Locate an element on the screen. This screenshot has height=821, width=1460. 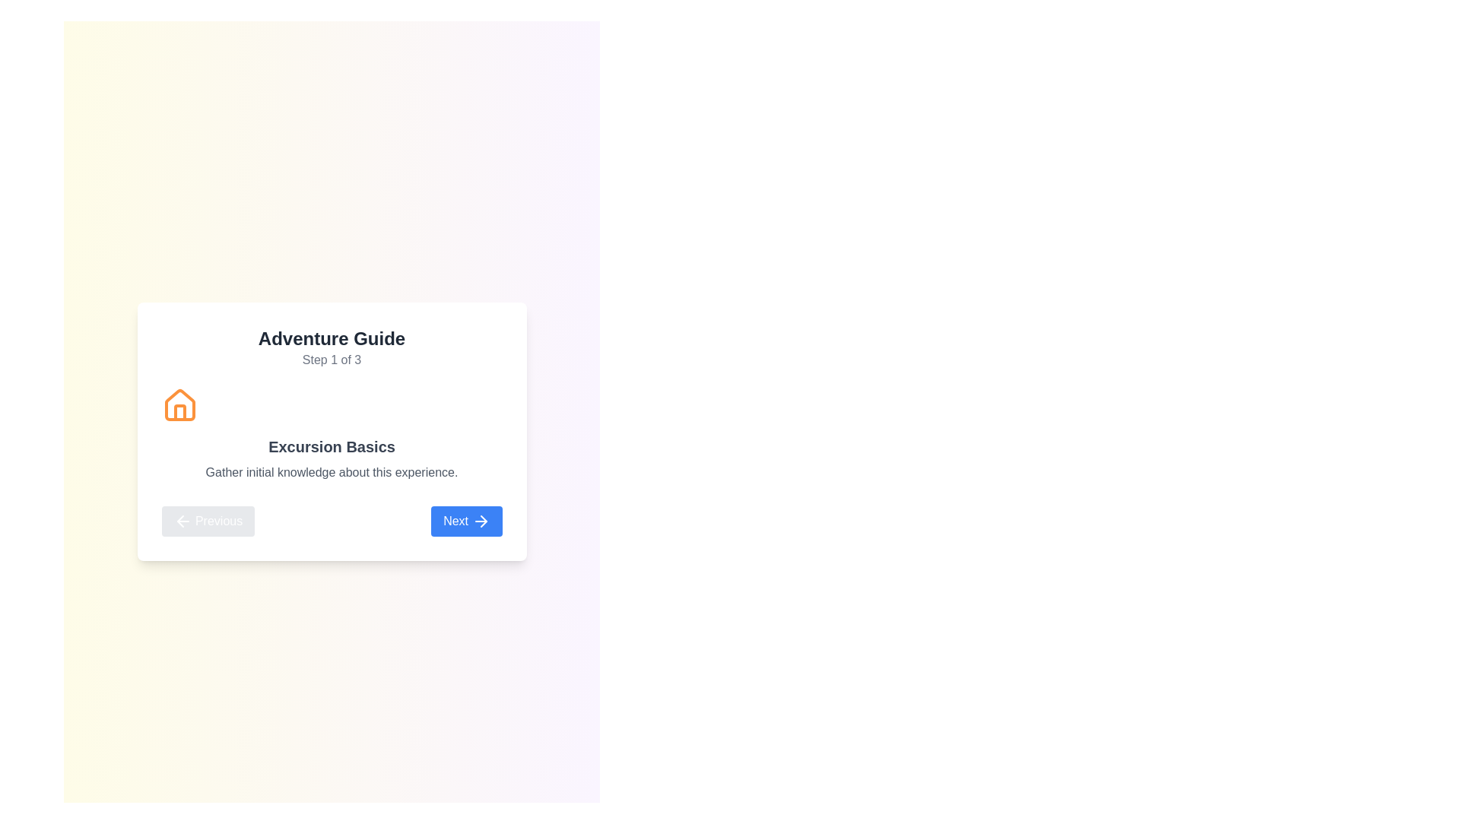
the right arrow icon on the 'Next' button, which has a blue background and white text, located in the bottom right corner of the card interface is located at coordinates (480, 521).